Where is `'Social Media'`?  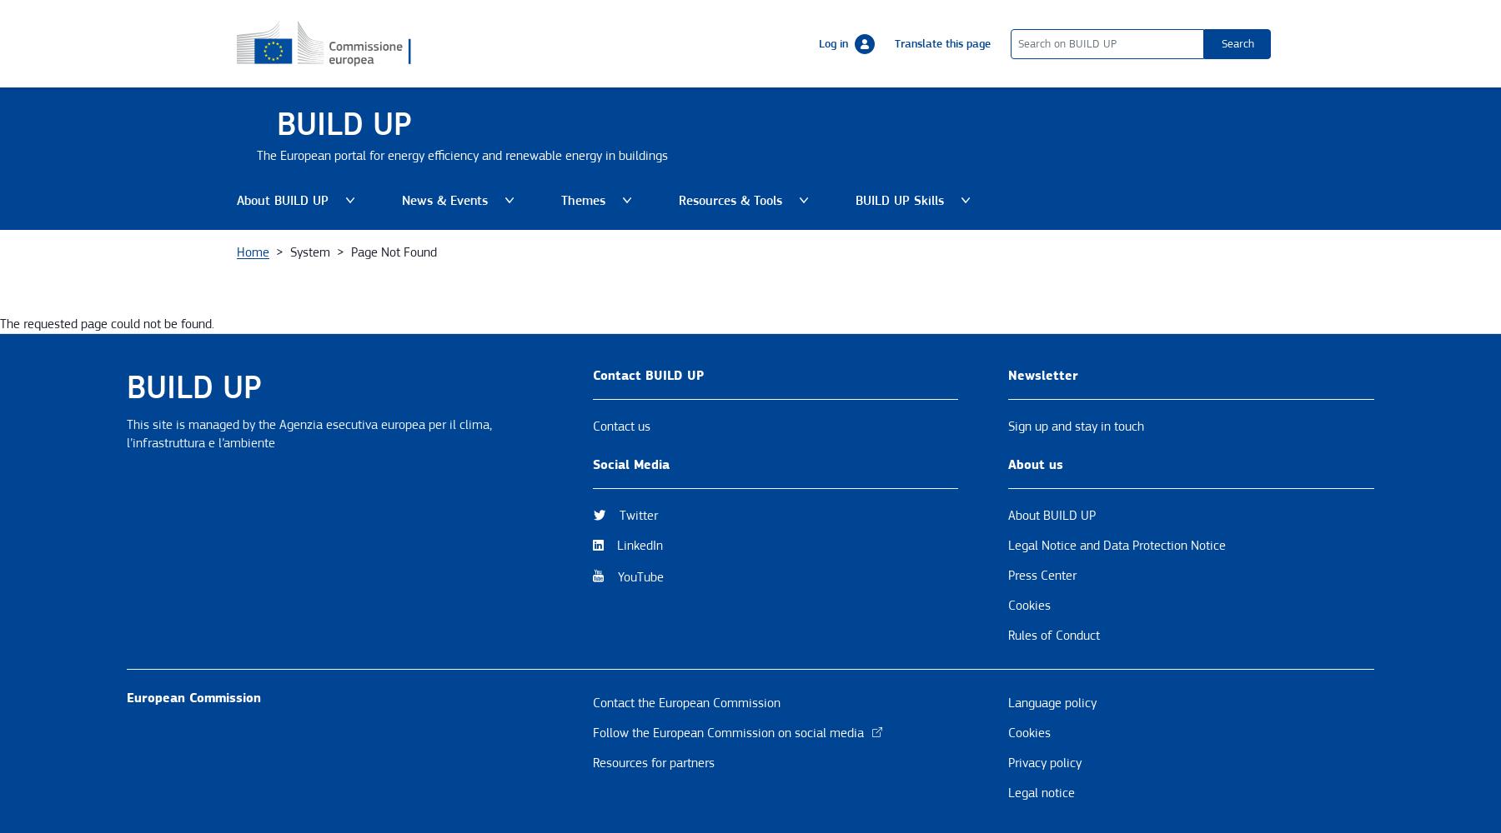
'Social Media' is located at coordinates (590, 464).